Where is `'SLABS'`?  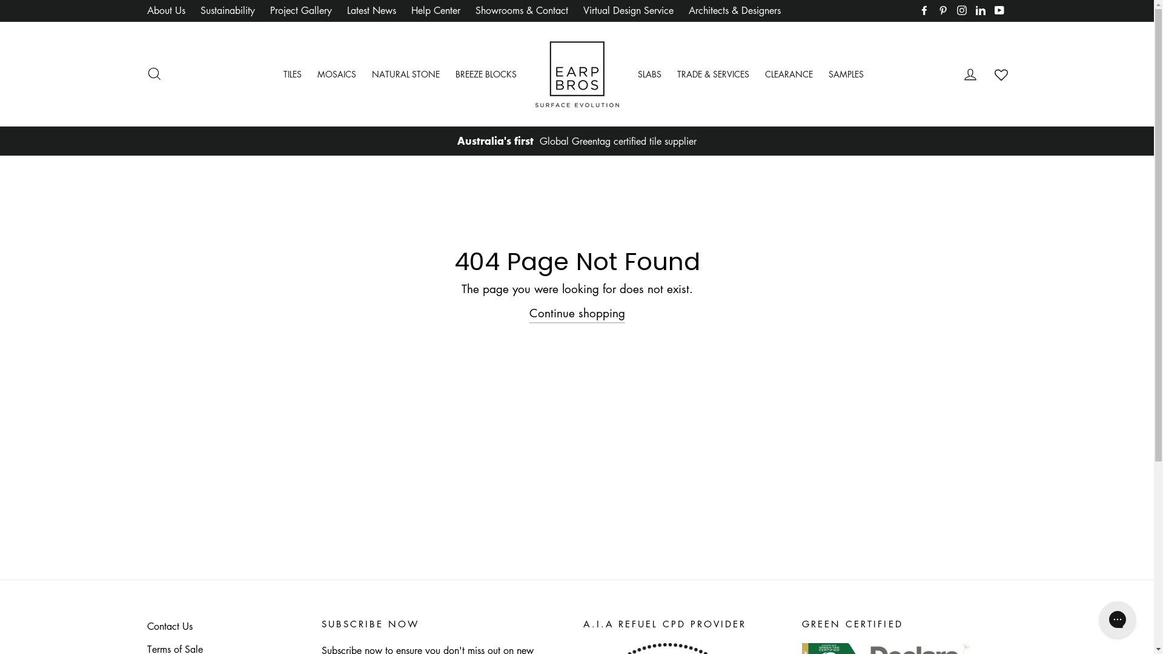 'SLABS' is located at coordinates (648, 74).